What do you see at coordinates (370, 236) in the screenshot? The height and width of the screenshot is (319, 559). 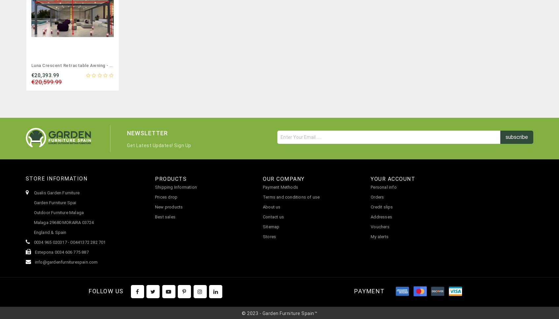 I see `'My alerts'` at bounding box center [370, 236].